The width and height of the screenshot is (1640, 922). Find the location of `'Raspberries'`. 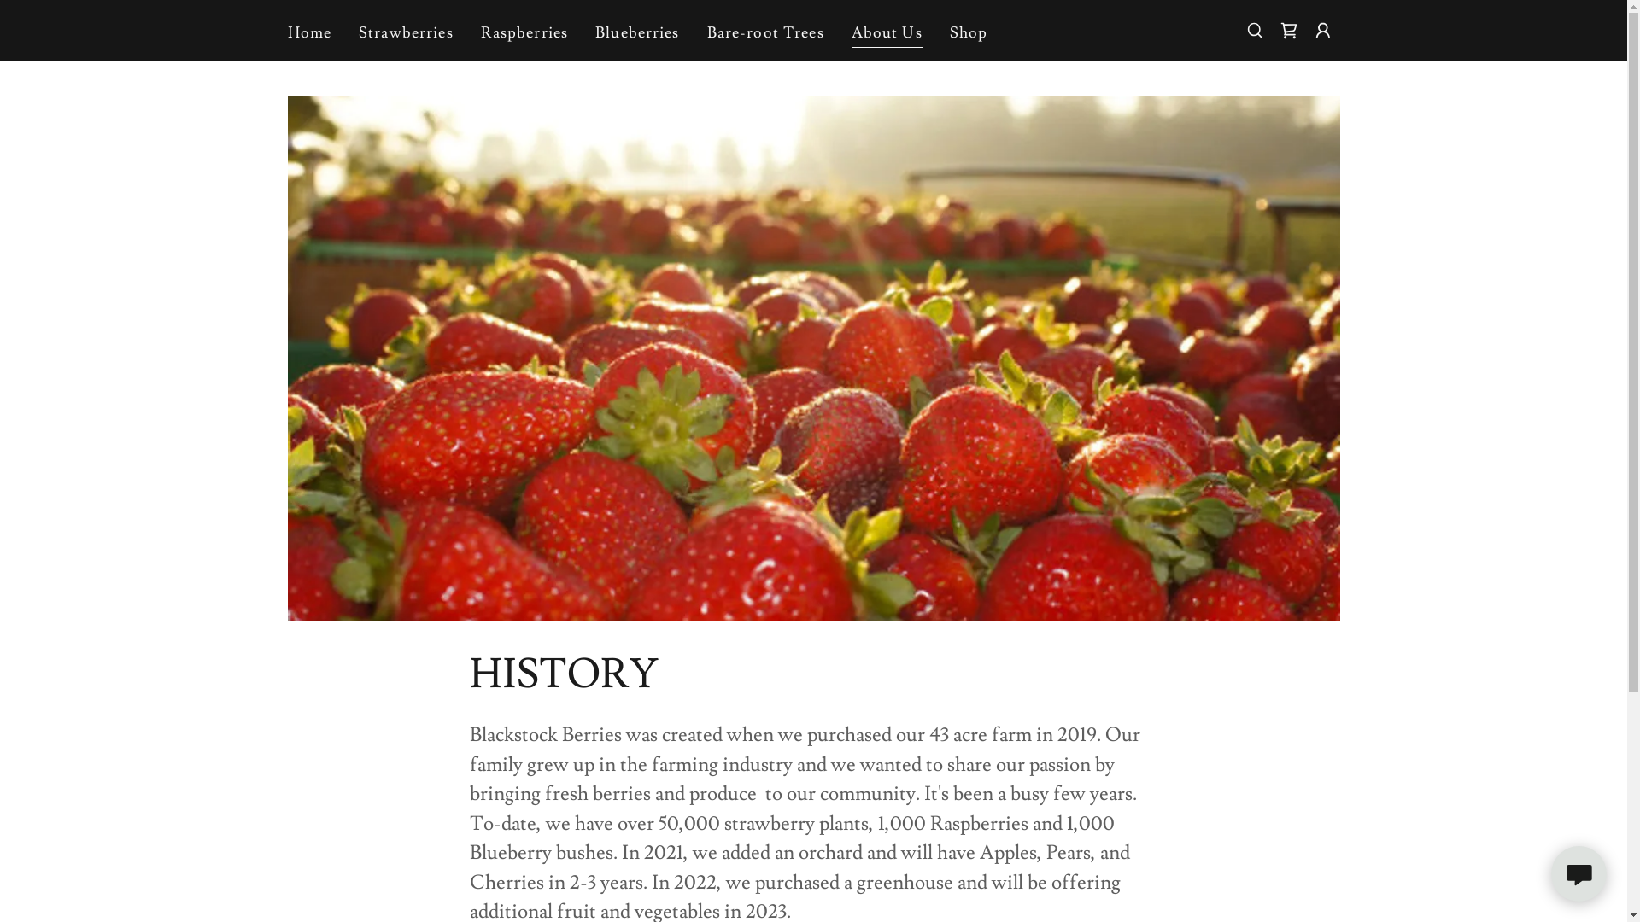

'Raspberries' is located at coordinates (524, 32).